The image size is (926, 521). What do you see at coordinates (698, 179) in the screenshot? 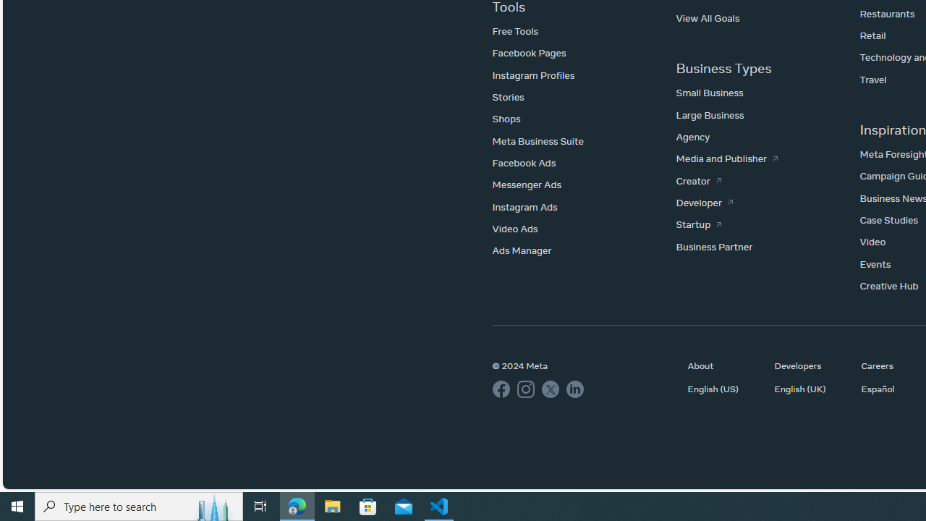
I see `'Creator'` at bounding box center [698, 179].